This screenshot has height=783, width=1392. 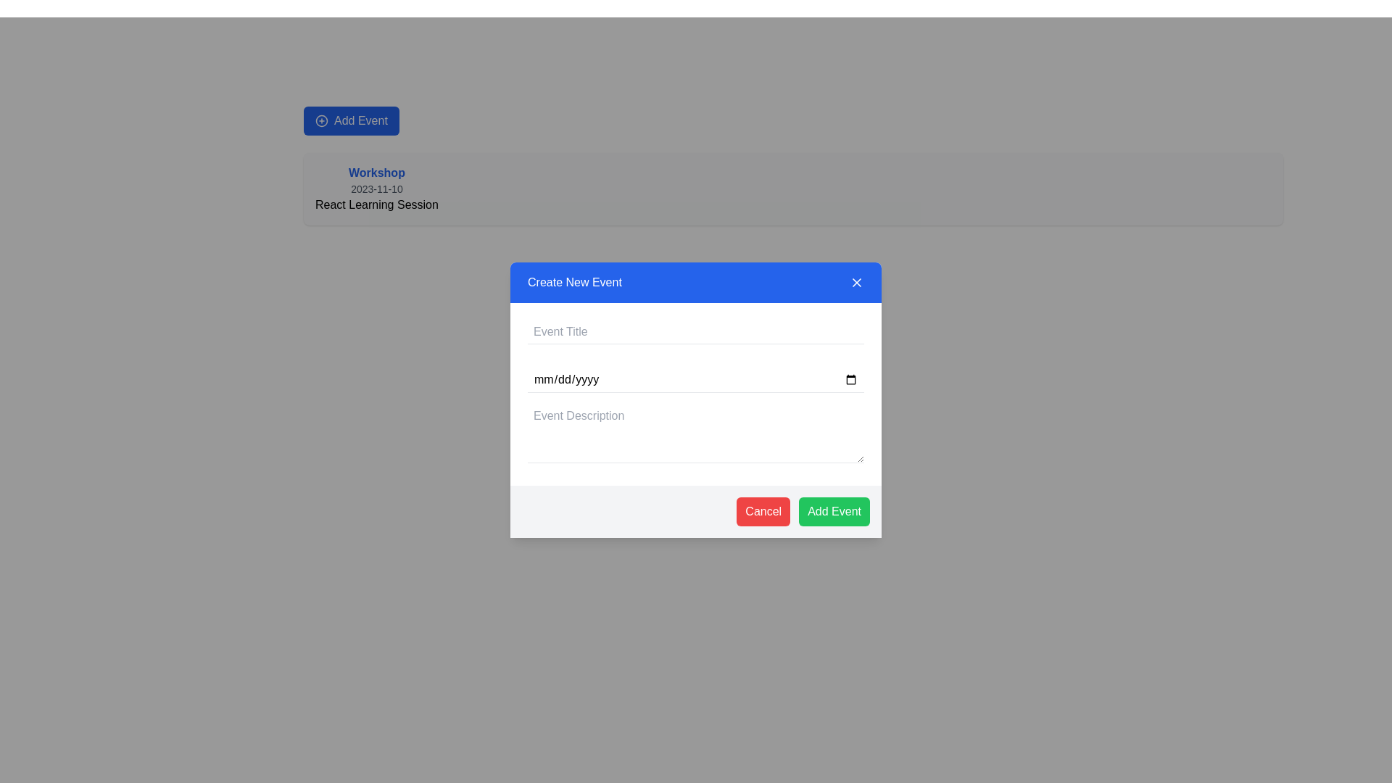 What do you see at coordinates (696, 332) in the screenshot?
I see `the title input field for an event located` at bounding box center [696, 332].